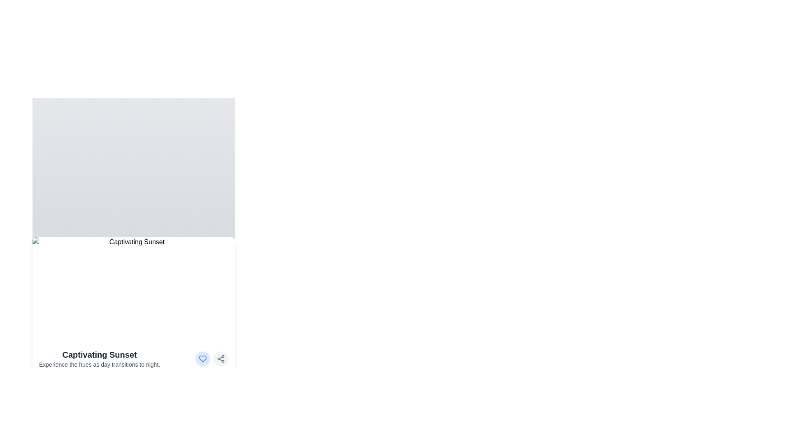  What do you see at coordinates (99, 364) in the screenshot?
I see `supplementary descriptive text located directly below the 'Captivating Sunset' title, which serves as a caption or subtext` at bounding box center [99, 364].